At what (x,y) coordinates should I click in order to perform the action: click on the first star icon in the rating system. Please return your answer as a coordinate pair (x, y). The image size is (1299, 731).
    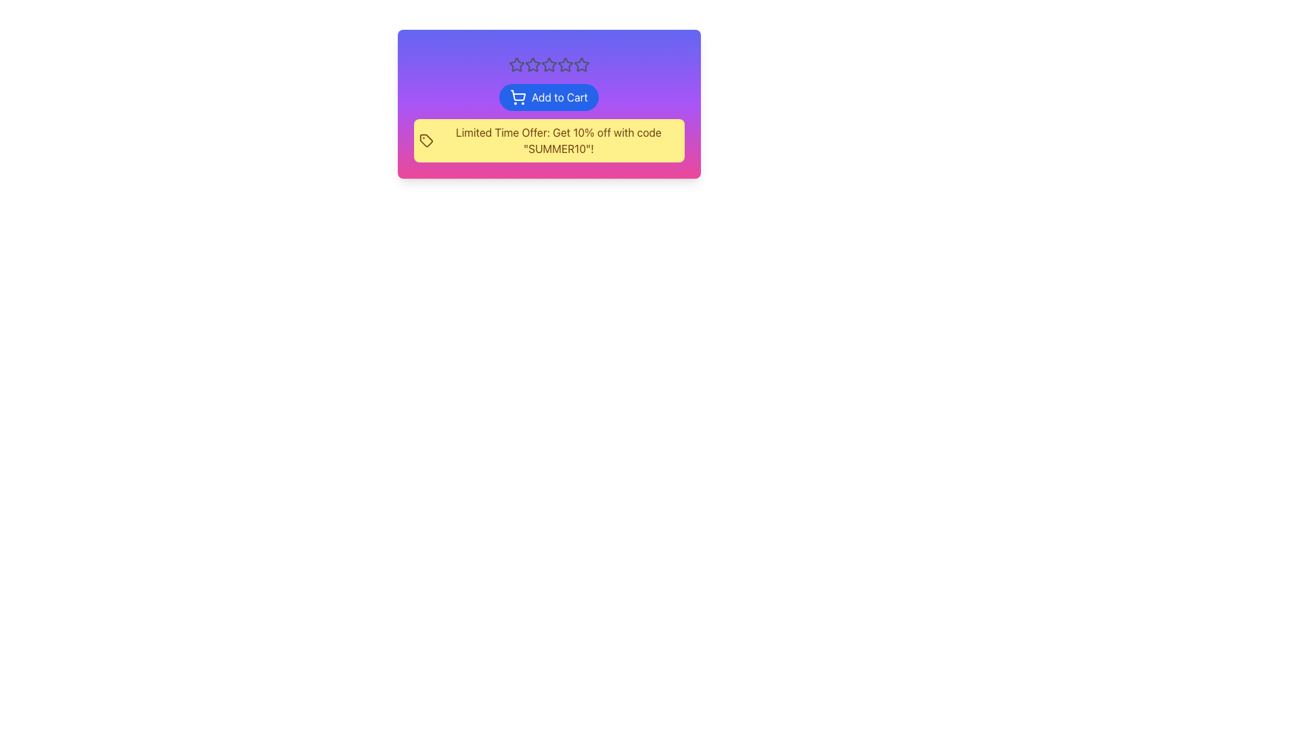
    Looking at the image, I should click on (516, 64).